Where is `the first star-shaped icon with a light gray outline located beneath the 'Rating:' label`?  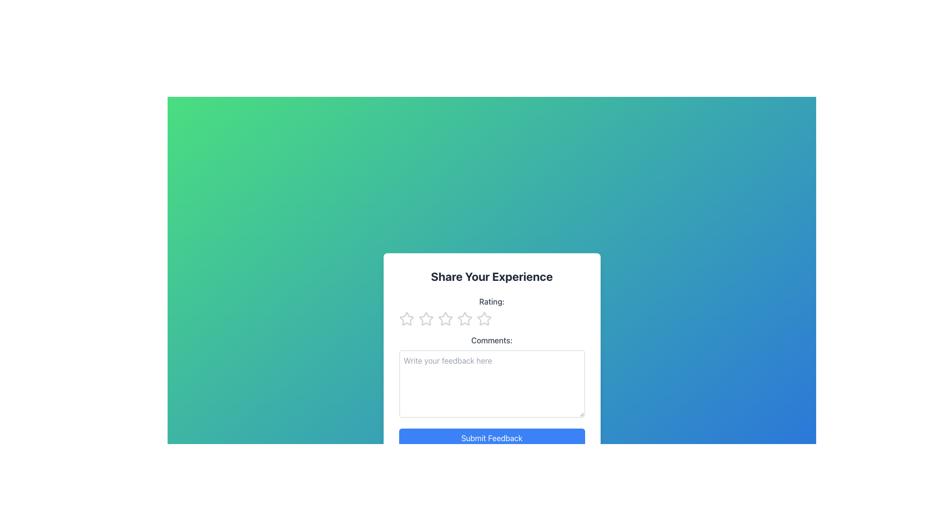 the first star-shaped icon with a light gray outline located beneath the 'Rating:' label is located at coordinates (406, 319).